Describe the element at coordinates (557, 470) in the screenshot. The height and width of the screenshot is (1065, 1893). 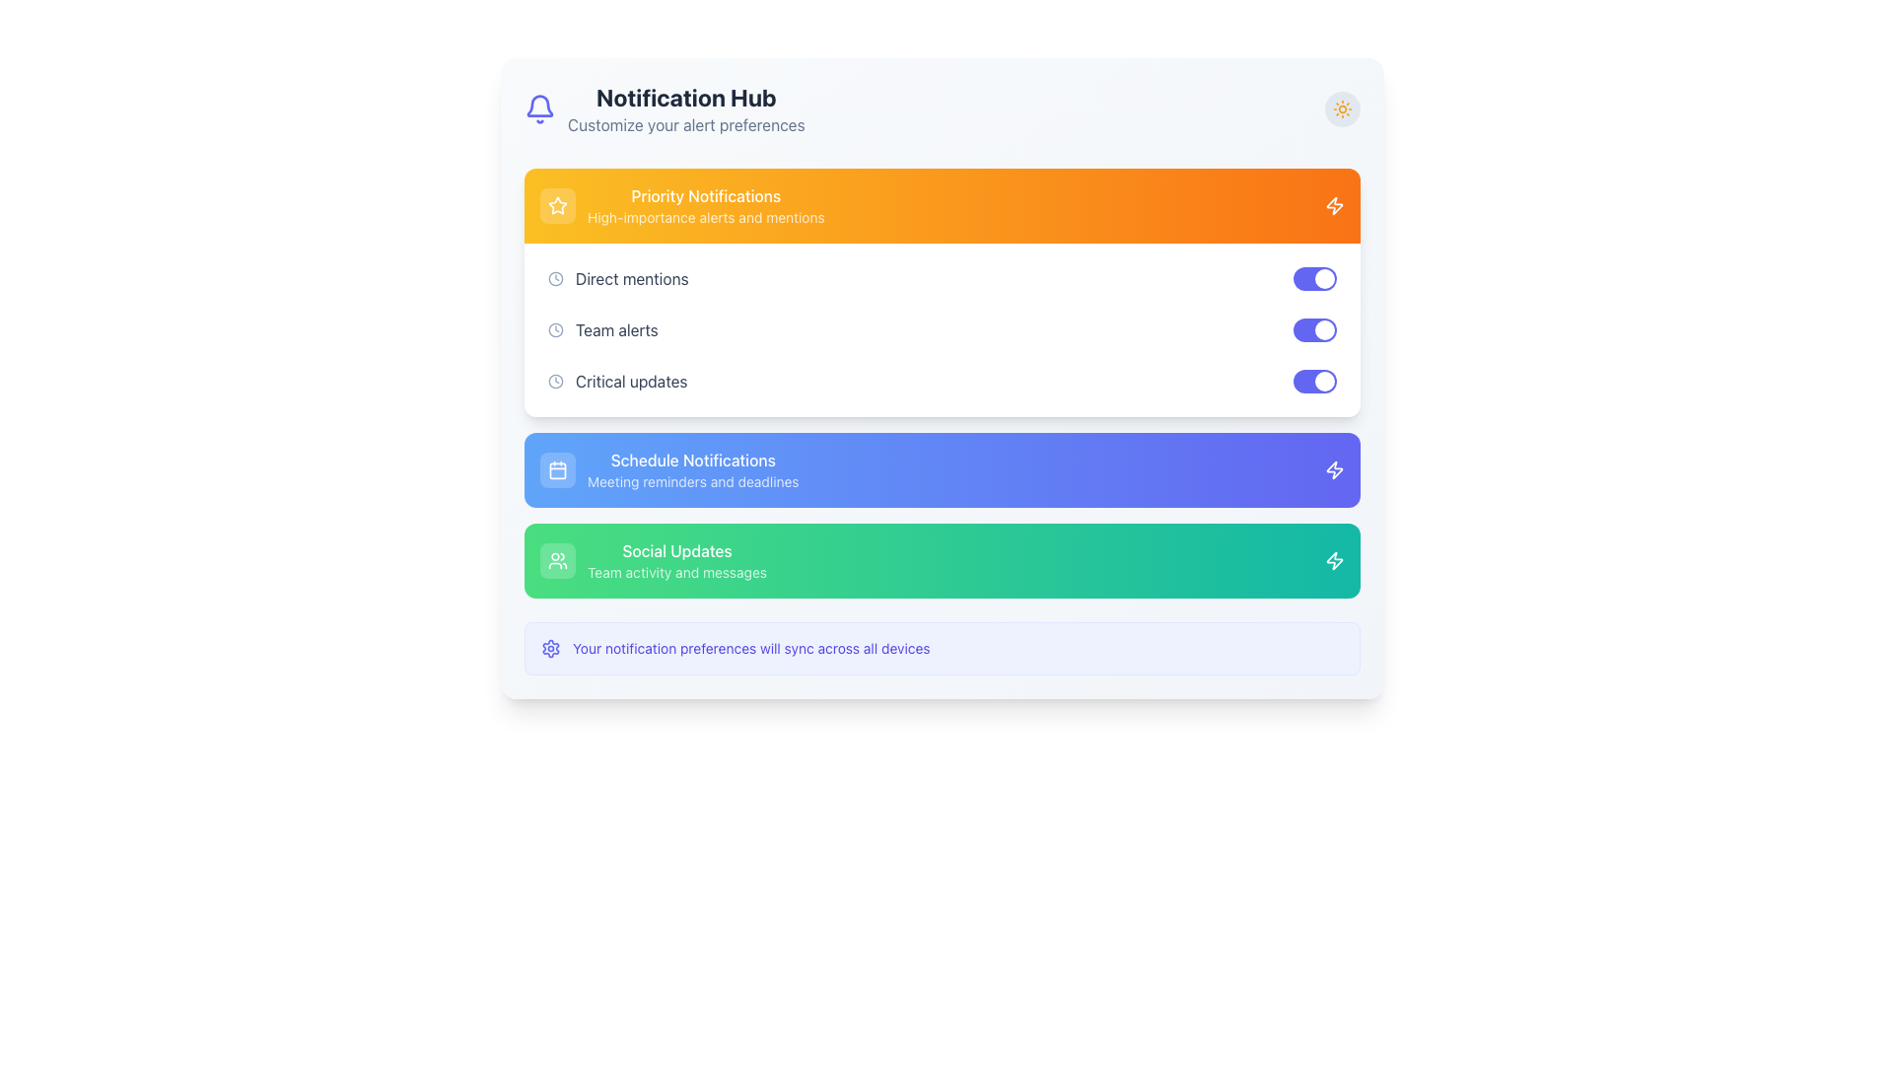
I see `the detailed design of the schedule notifications SVG icon located to the left of the section title within the blue notification card` at that location.